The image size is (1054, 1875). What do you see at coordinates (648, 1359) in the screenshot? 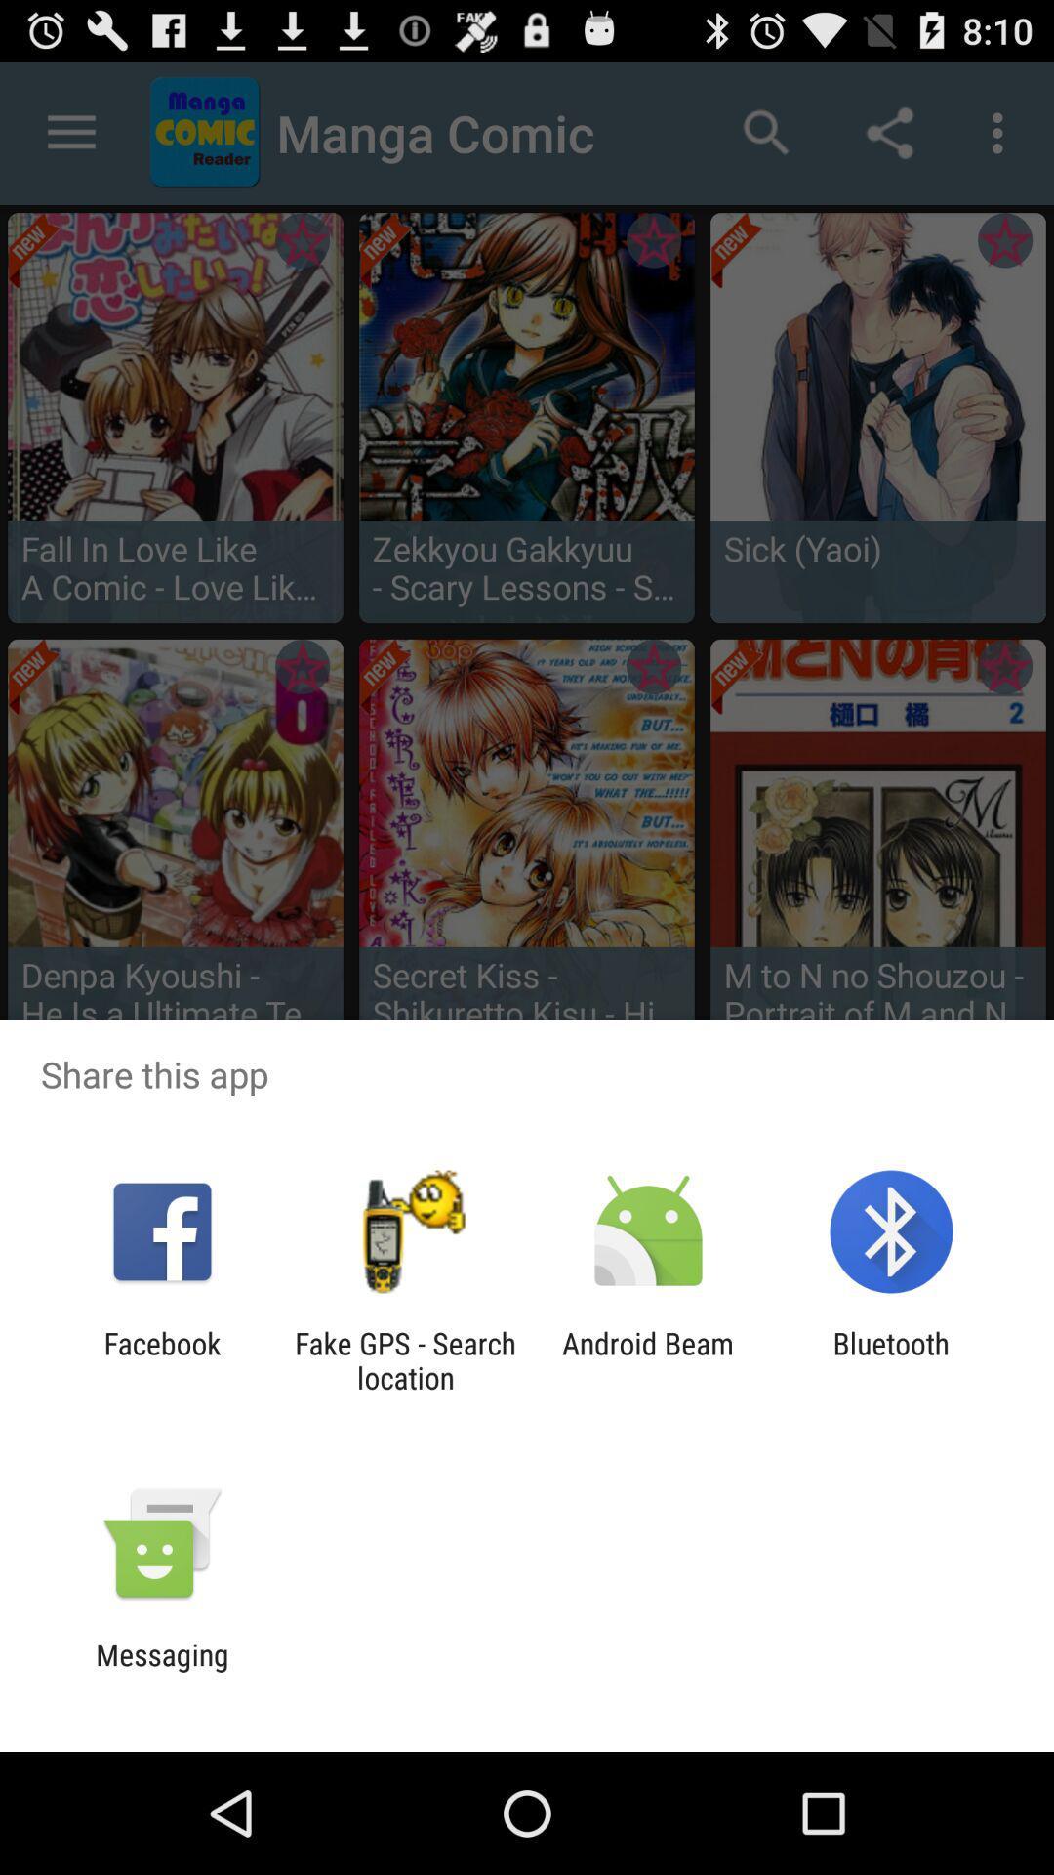
I see `android beam icon` at bounding box center [648, 1359].